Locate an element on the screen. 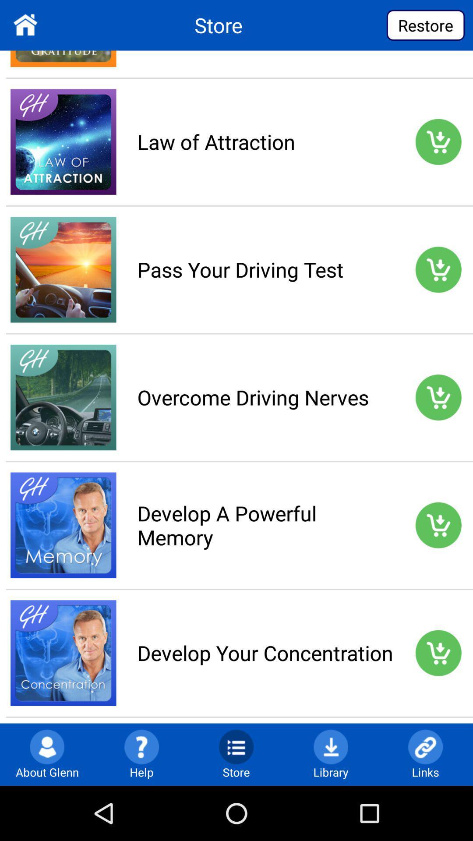 The image size is (473, 841). library option beside links icon is located at coordinates (331, 746).